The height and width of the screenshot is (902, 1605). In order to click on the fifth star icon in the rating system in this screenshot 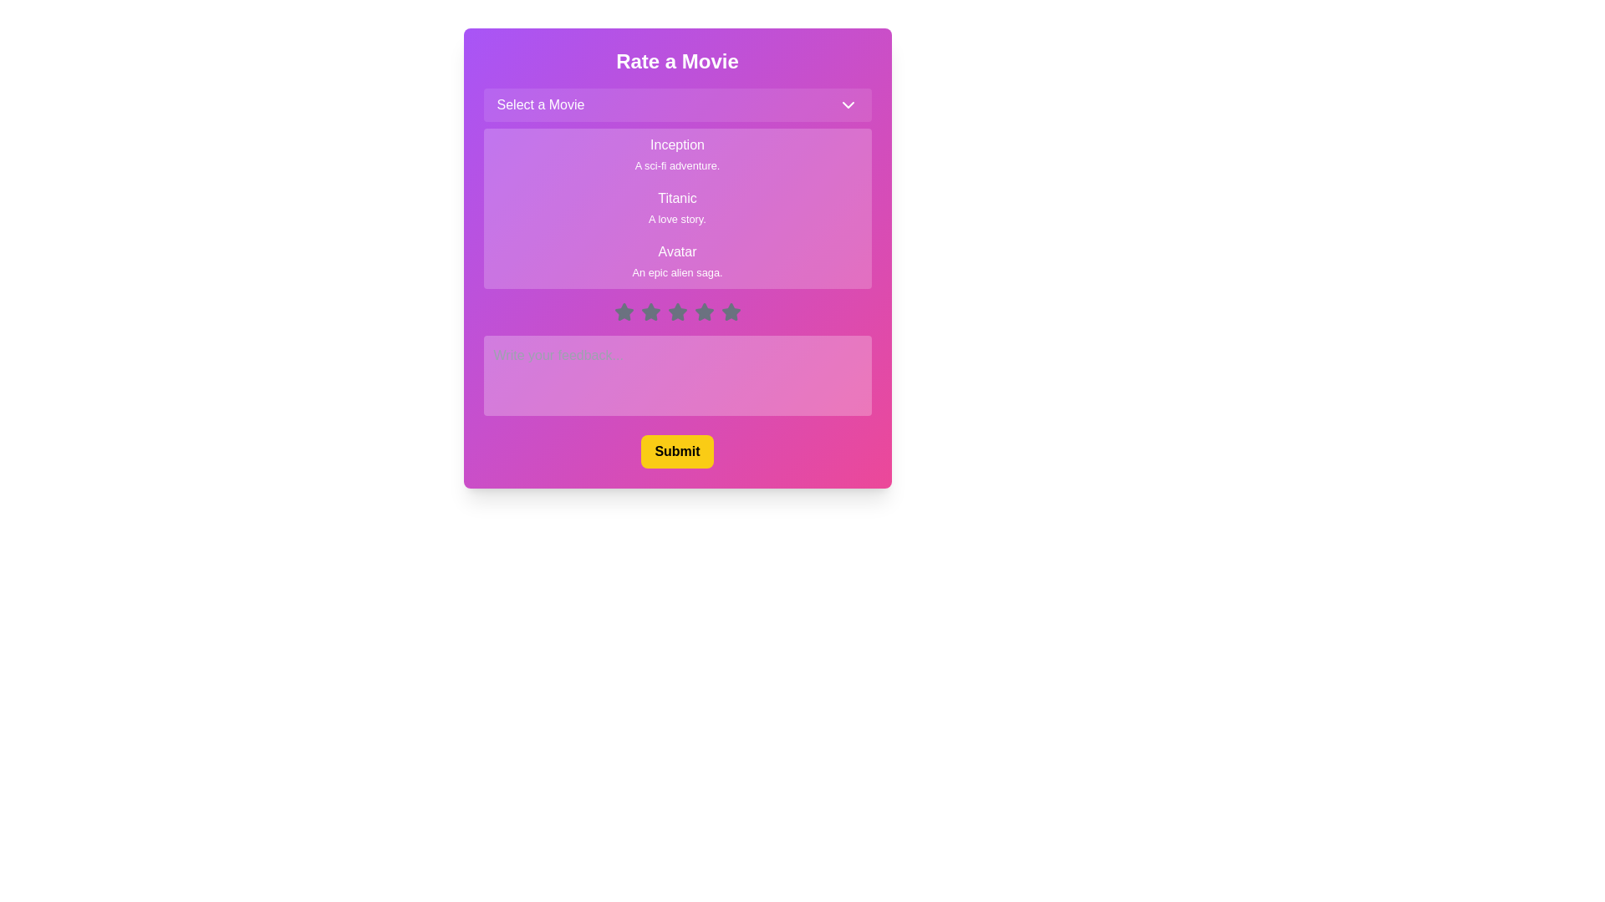, I will do `click(731, 312)`.